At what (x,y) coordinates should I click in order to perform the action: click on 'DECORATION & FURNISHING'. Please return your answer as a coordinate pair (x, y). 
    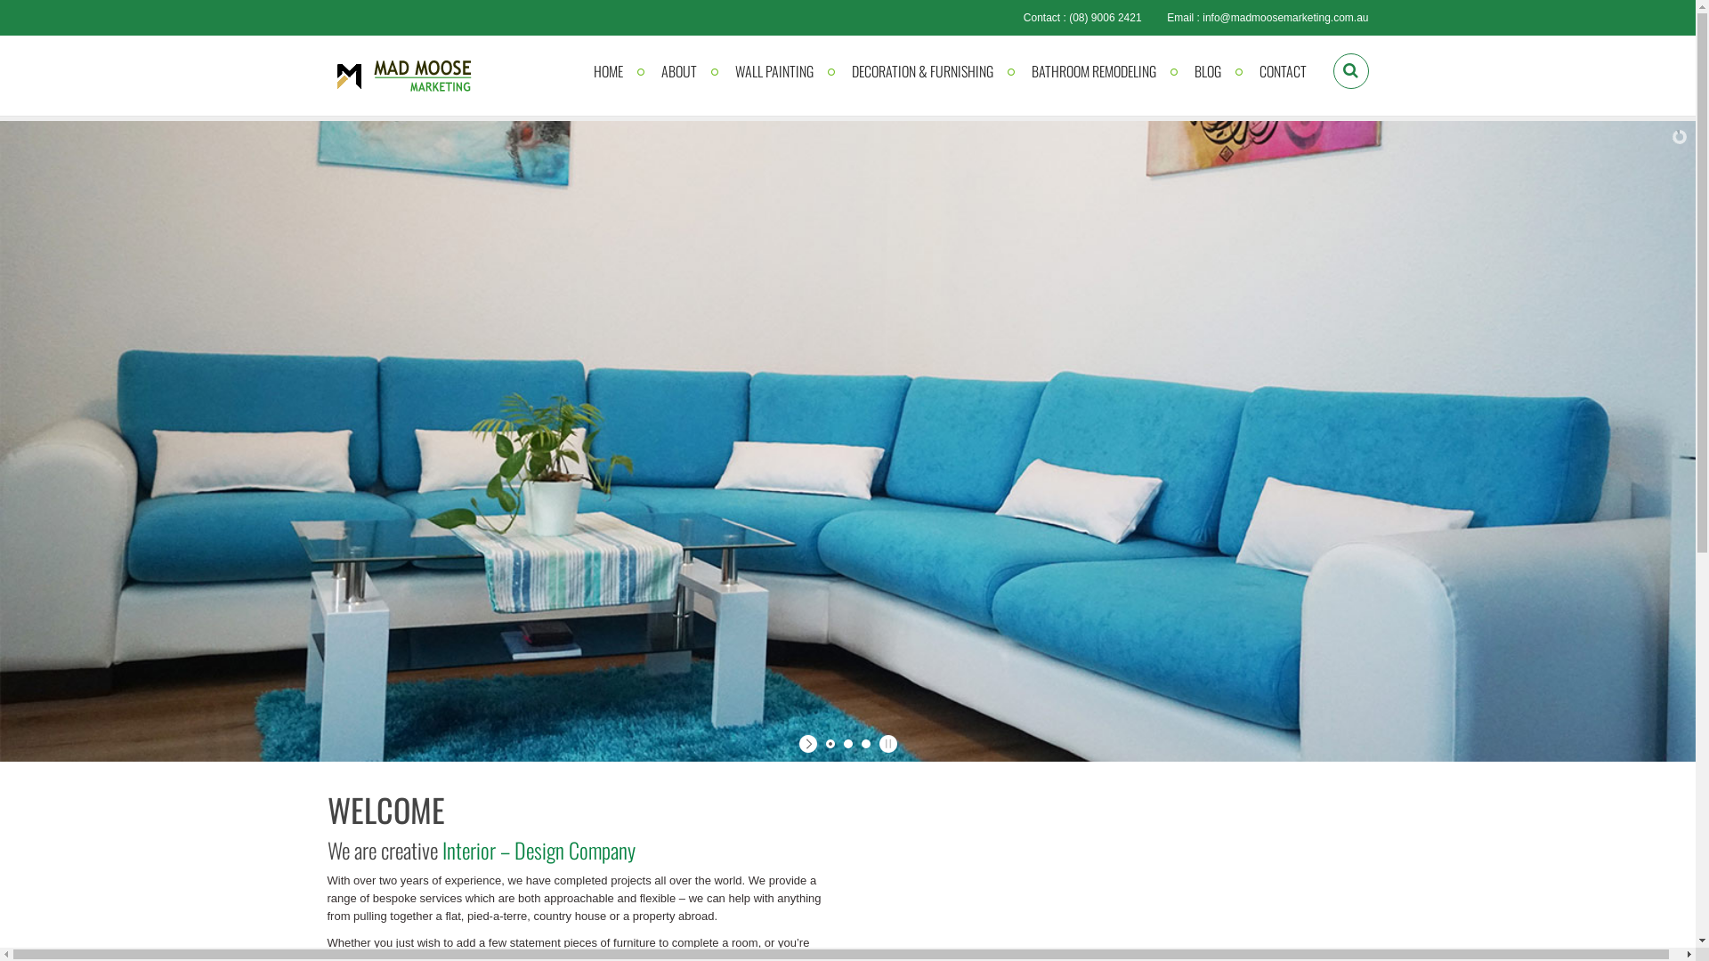
    Looking at the image, I should click on (921, 70).